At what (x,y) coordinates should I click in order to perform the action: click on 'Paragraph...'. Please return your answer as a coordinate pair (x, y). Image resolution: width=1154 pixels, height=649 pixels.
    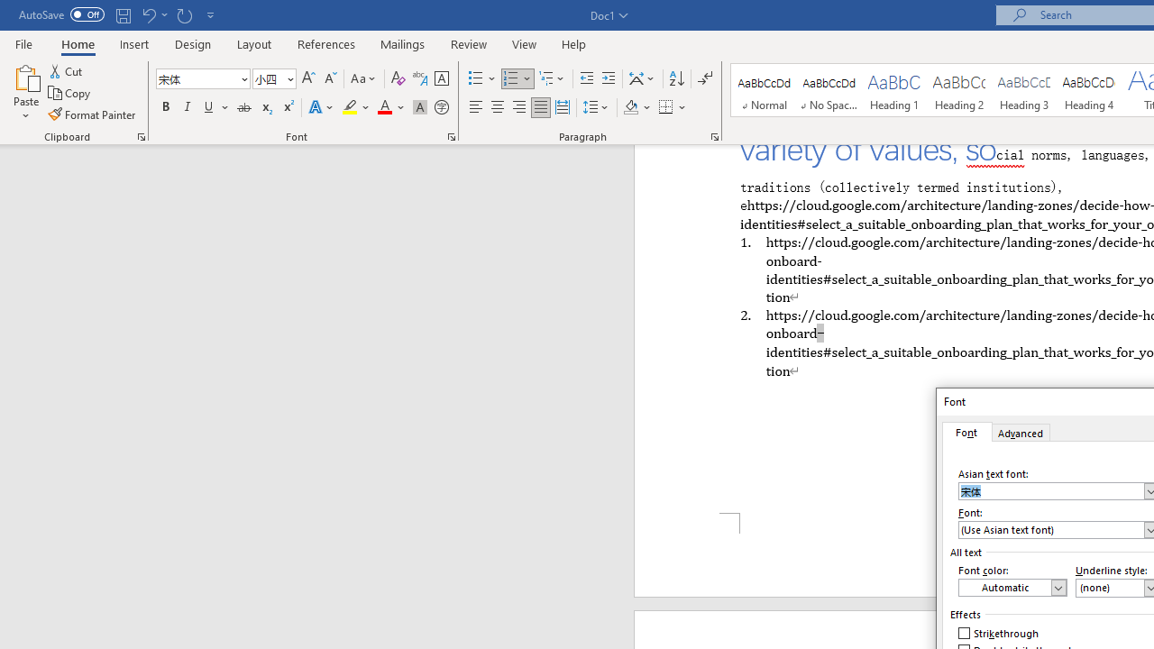
    Looking at the image, I should click on (713, 135).